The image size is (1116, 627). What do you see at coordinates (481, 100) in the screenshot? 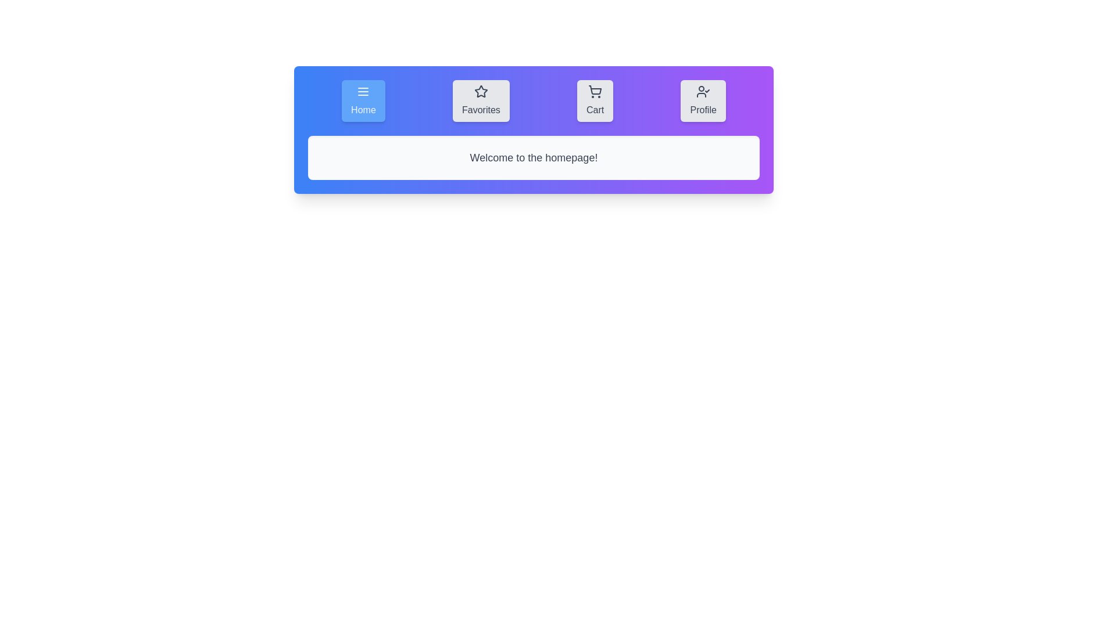
I see `the 'Favorites' navigation button located as the second item in the navigation bar` at bounding box center [481, 100].